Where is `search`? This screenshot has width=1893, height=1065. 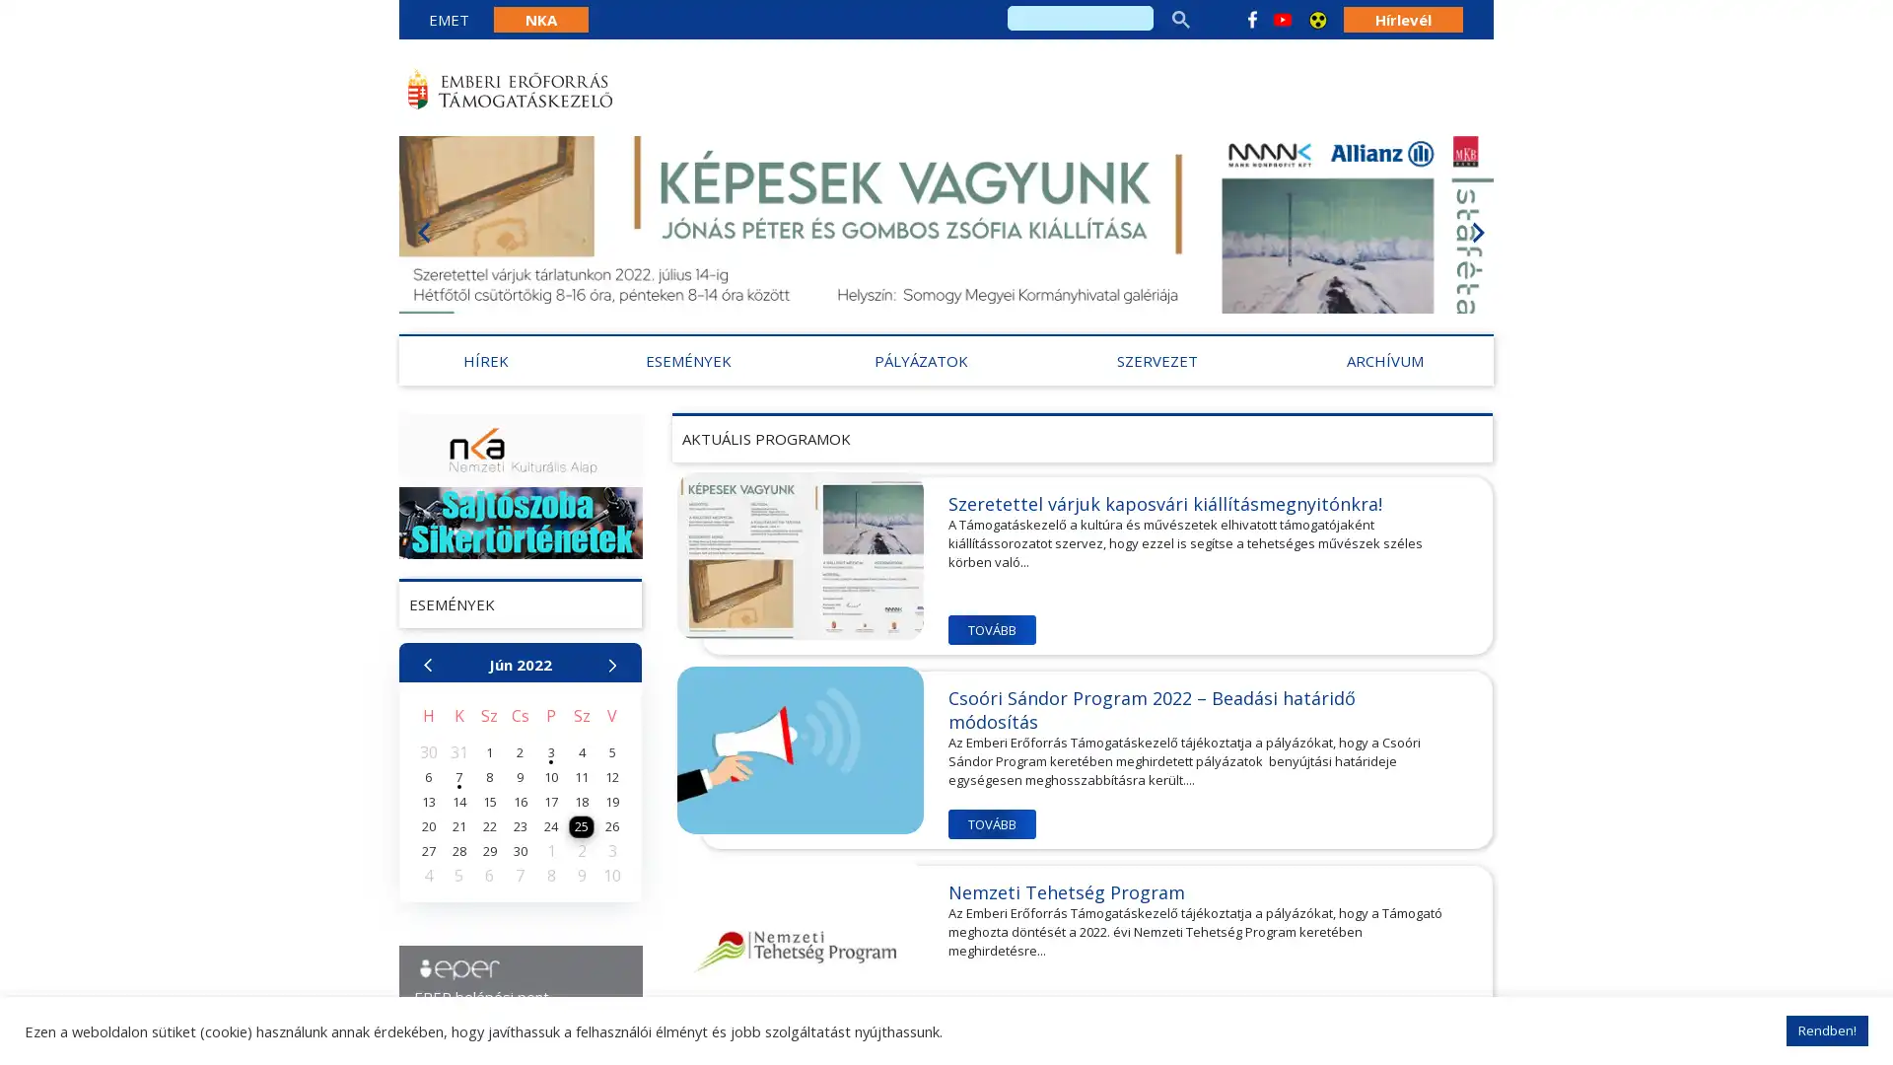 search is located at coordinates (1179, 19).